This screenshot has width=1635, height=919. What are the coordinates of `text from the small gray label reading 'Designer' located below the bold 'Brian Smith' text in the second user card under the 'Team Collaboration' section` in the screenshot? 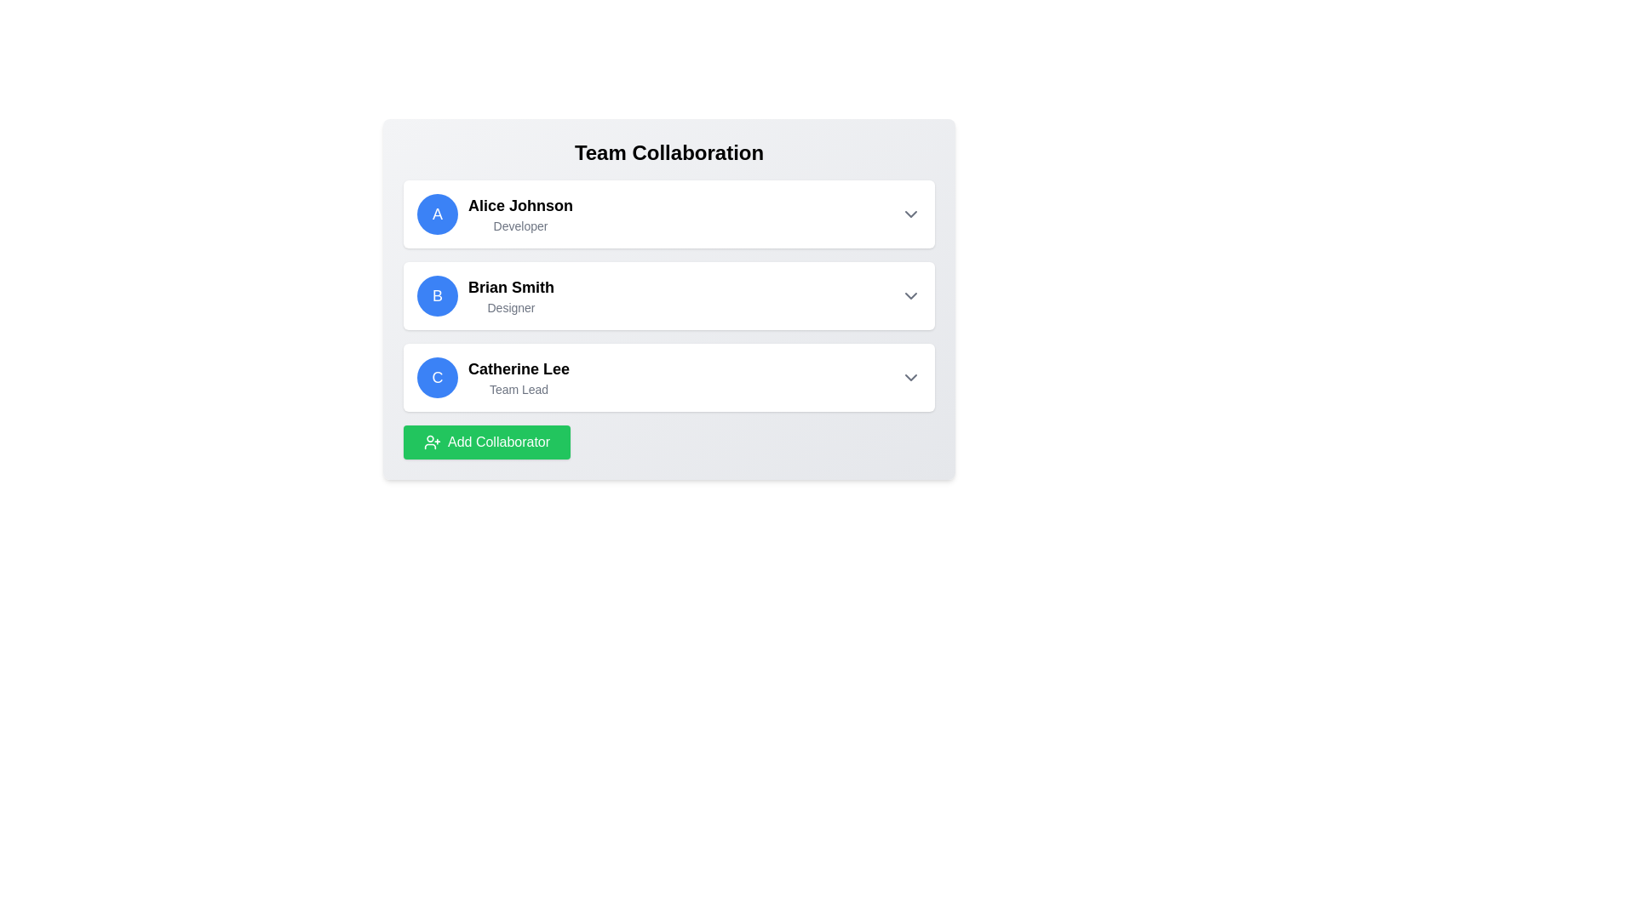 It's located at (510, 308).